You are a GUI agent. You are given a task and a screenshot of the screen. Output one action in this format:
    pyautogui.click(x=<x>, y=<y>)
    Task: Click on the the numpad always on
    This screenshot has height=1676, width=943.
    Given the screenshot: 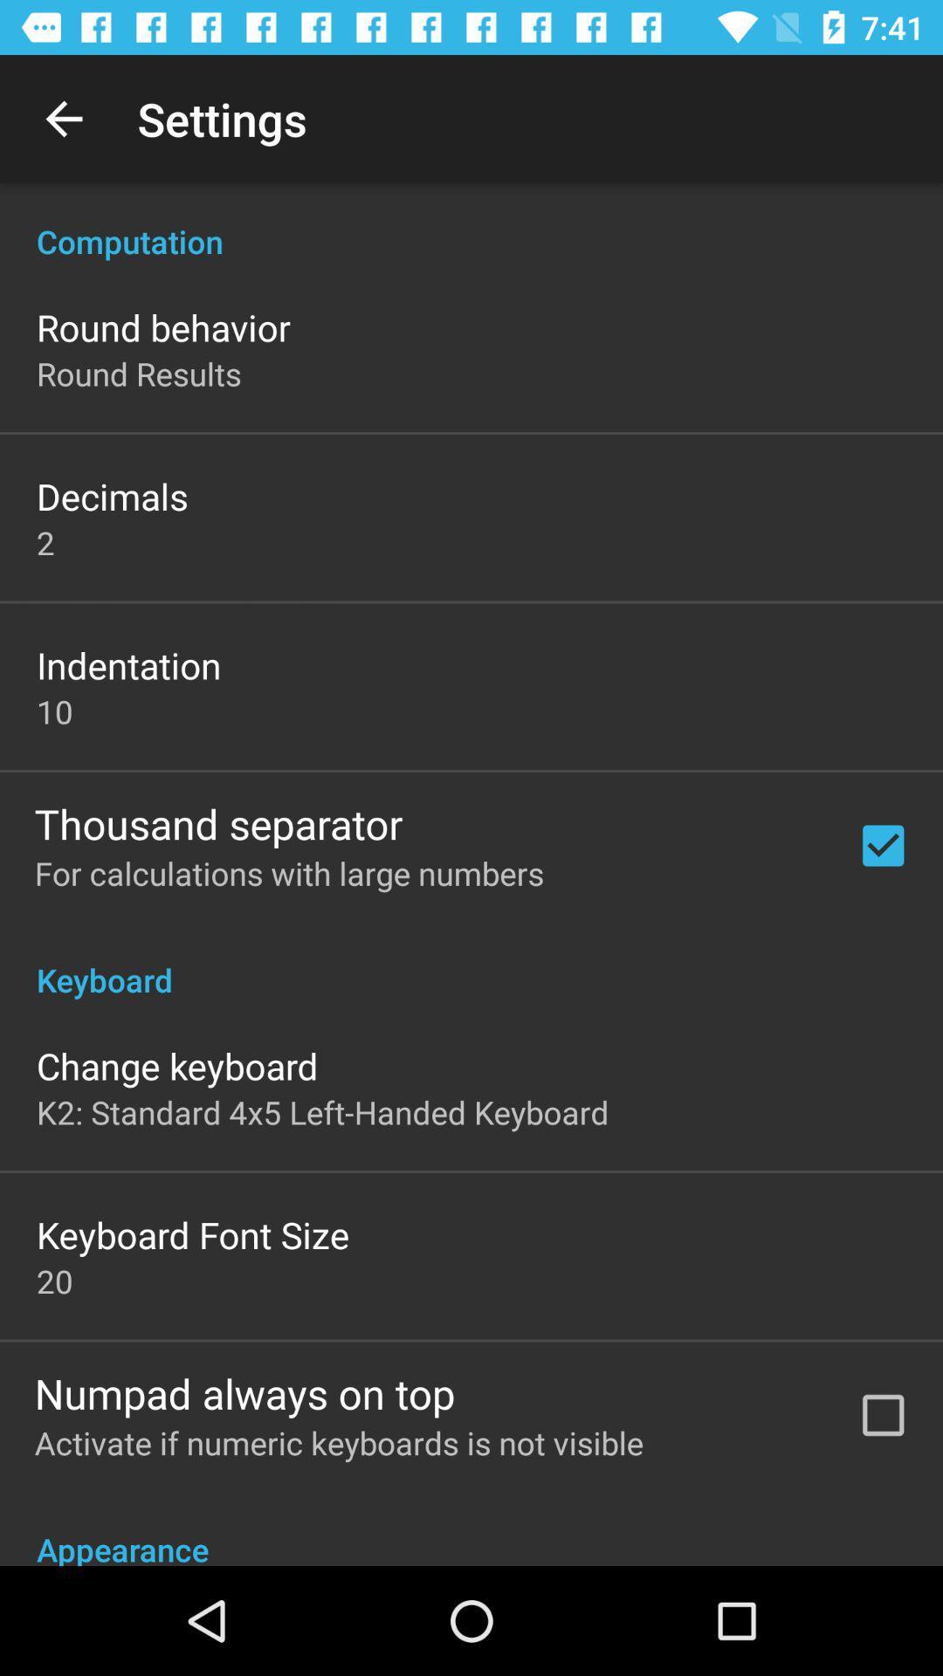 What is the action you would take?
    pyautogui.click(x=244, y=1392)
    